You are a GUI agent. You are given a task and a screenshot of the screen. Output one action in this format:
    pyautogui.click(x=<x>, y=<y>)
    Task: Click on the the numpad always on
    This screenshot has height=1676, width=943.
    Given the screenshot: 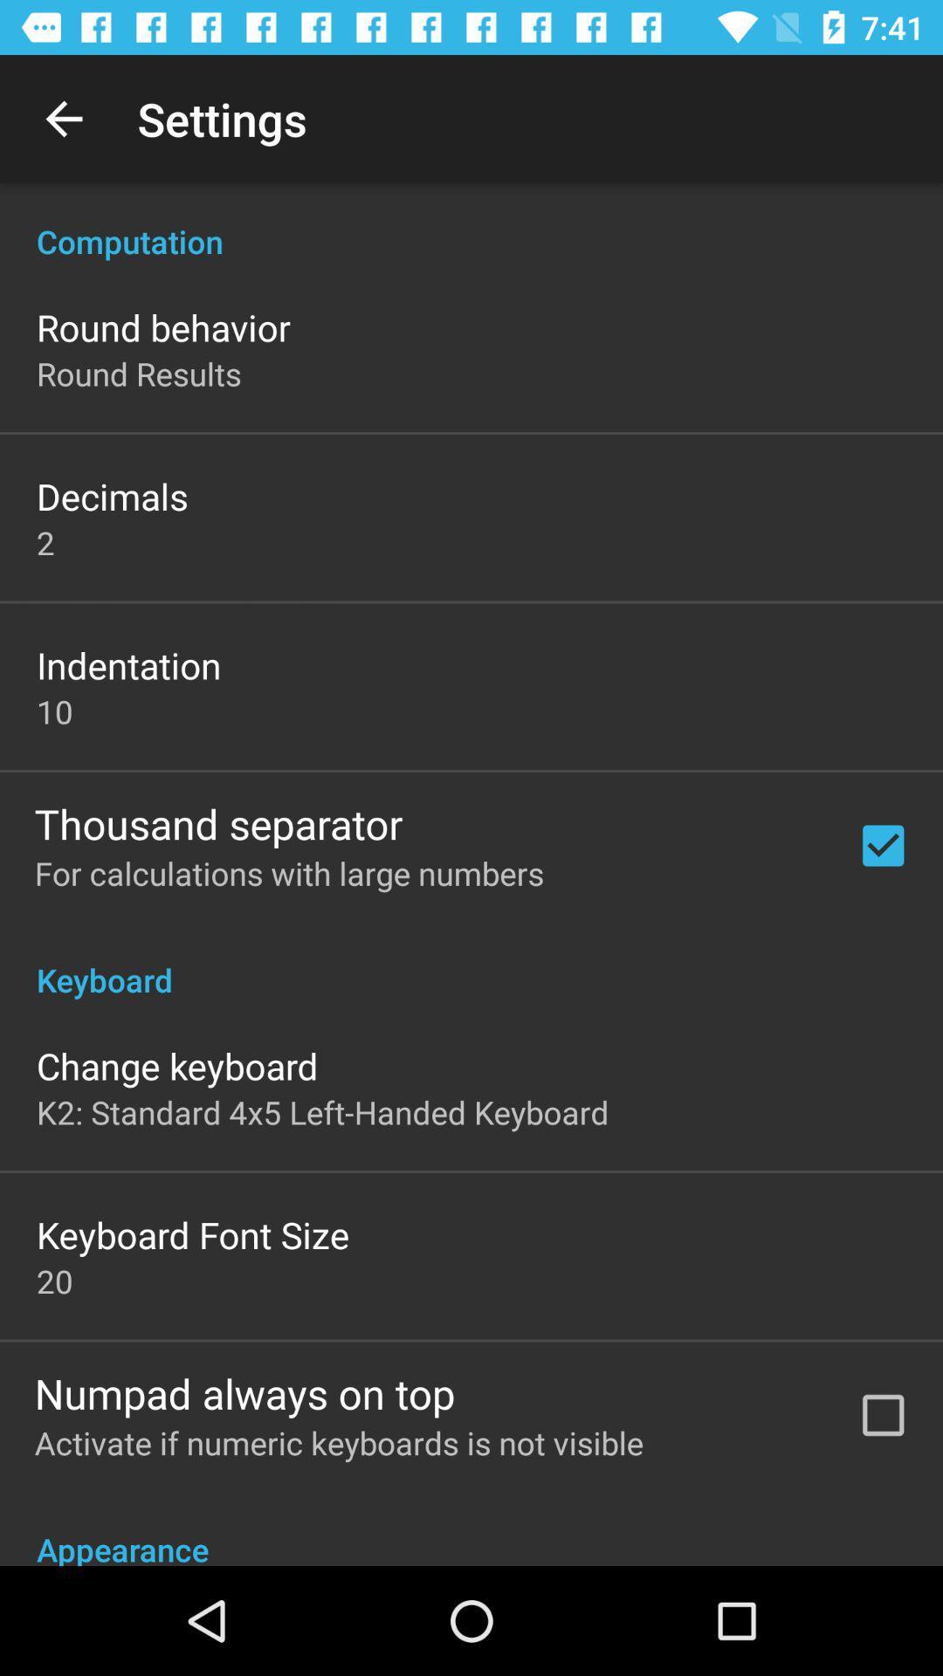 What is the action you would take?
    pyautogui.click(x=244, y=1392)
    